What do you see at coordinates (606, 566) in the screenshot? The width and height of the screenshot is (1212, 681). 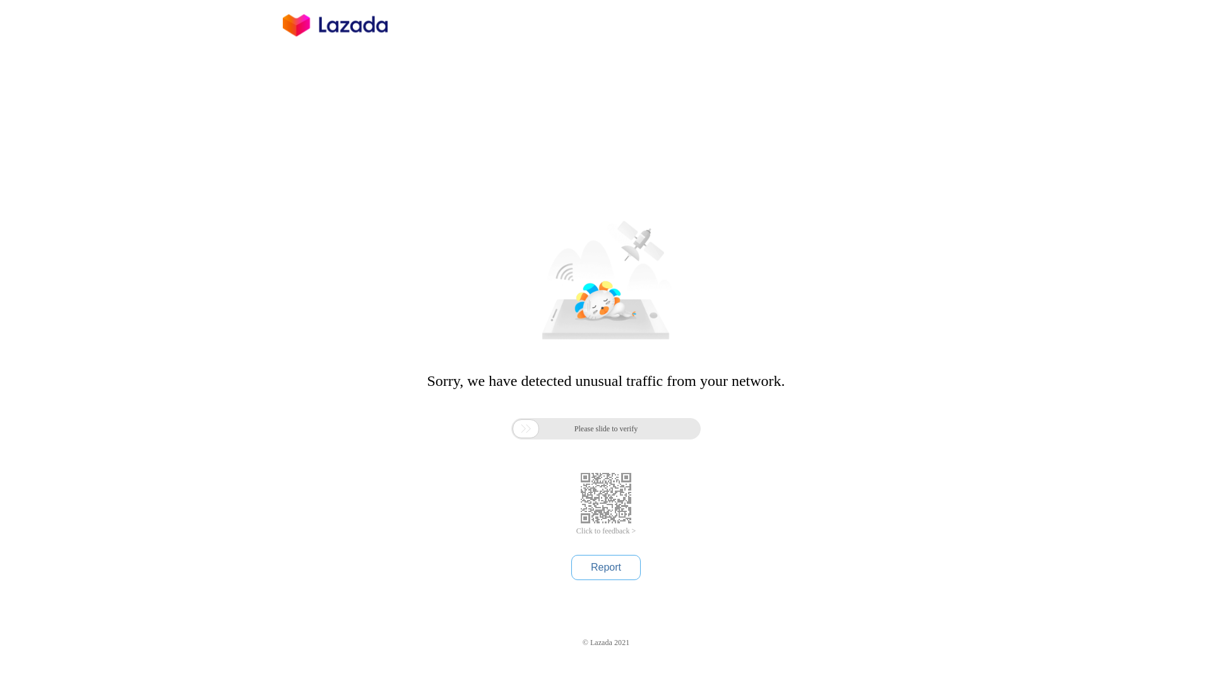 I see `'Report'` at bounding box center [606, 566].